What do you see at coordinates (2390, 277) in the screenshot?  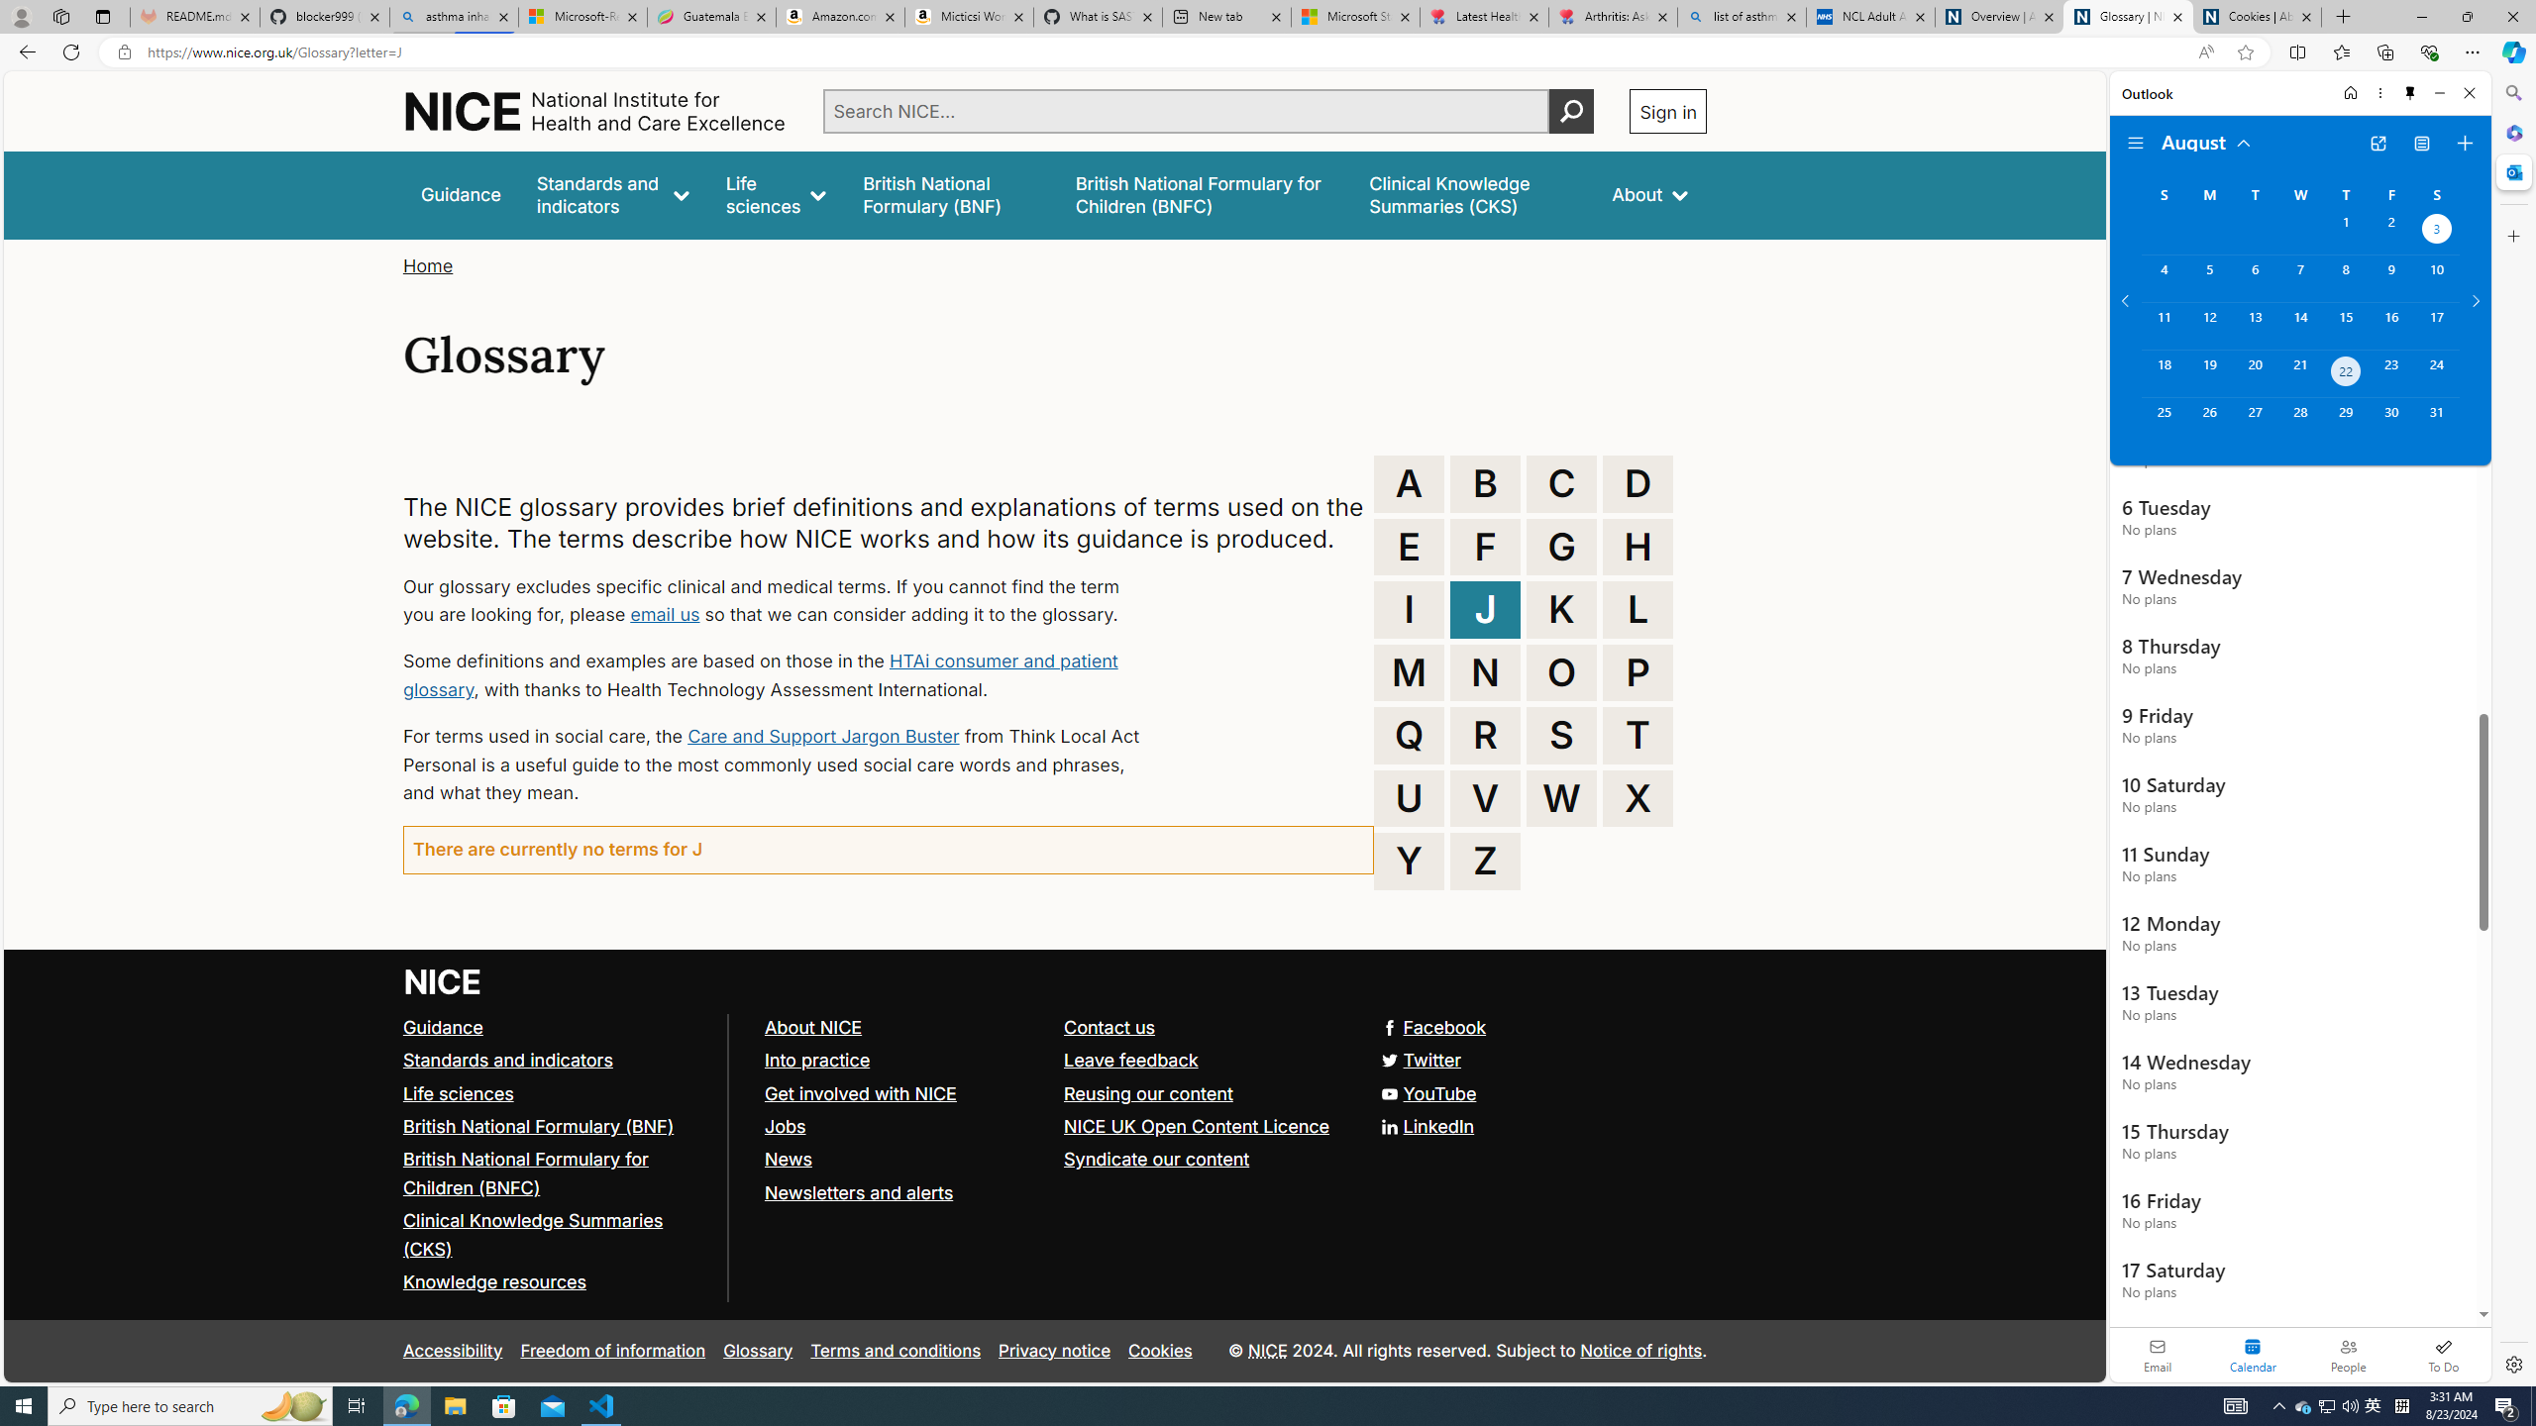 I see `'Friday, August 9, 2024. '` at bounding box center [2390, 277].